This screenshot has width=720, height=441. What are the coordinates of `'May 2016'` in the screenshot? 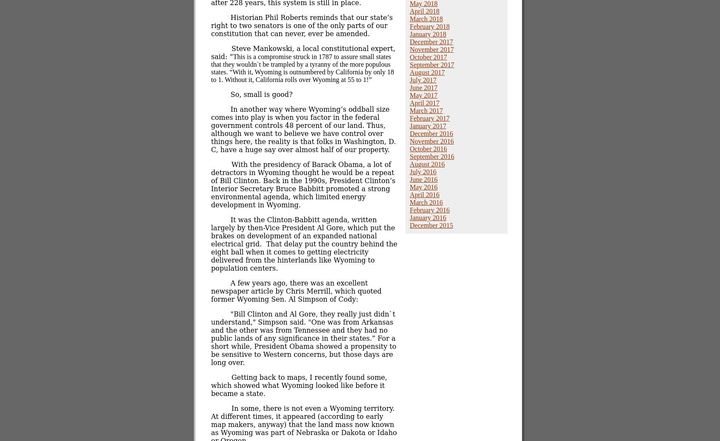 It's located at (423, 187).